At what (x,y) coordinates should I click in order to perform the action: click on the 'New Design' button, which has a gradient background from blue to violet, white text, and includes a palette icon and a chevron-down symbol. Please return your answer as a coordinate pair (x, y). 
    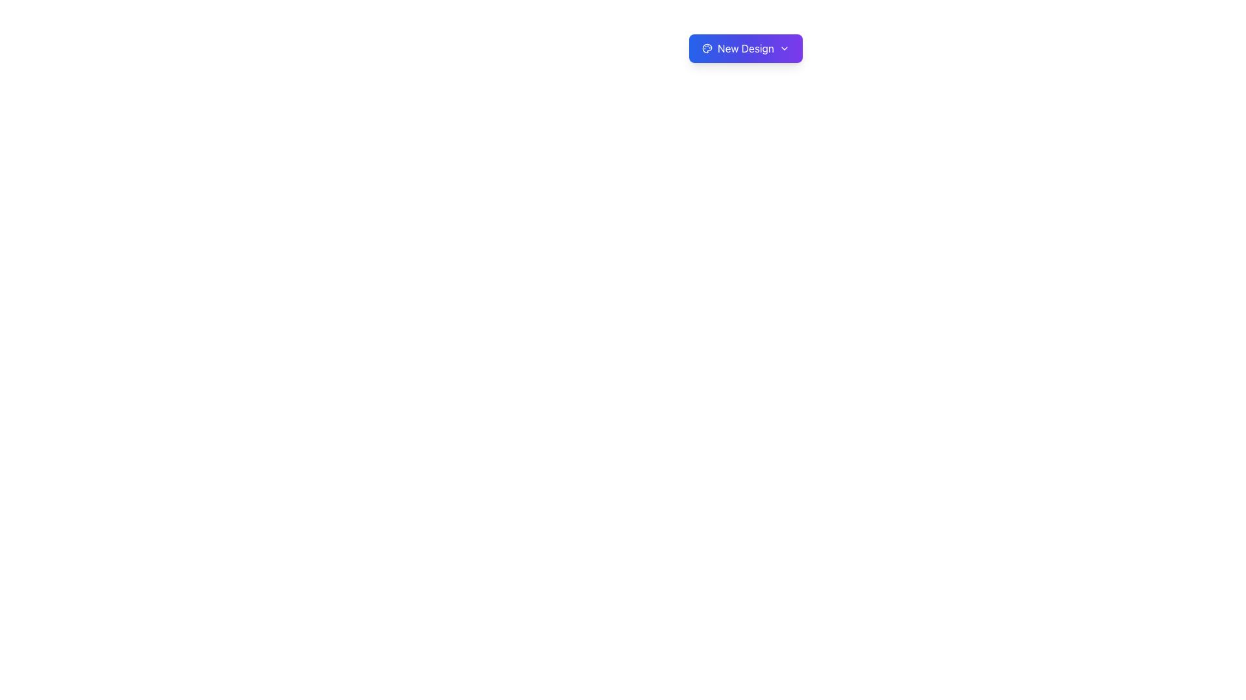
    Looking at the image, I should click on (746, 47).